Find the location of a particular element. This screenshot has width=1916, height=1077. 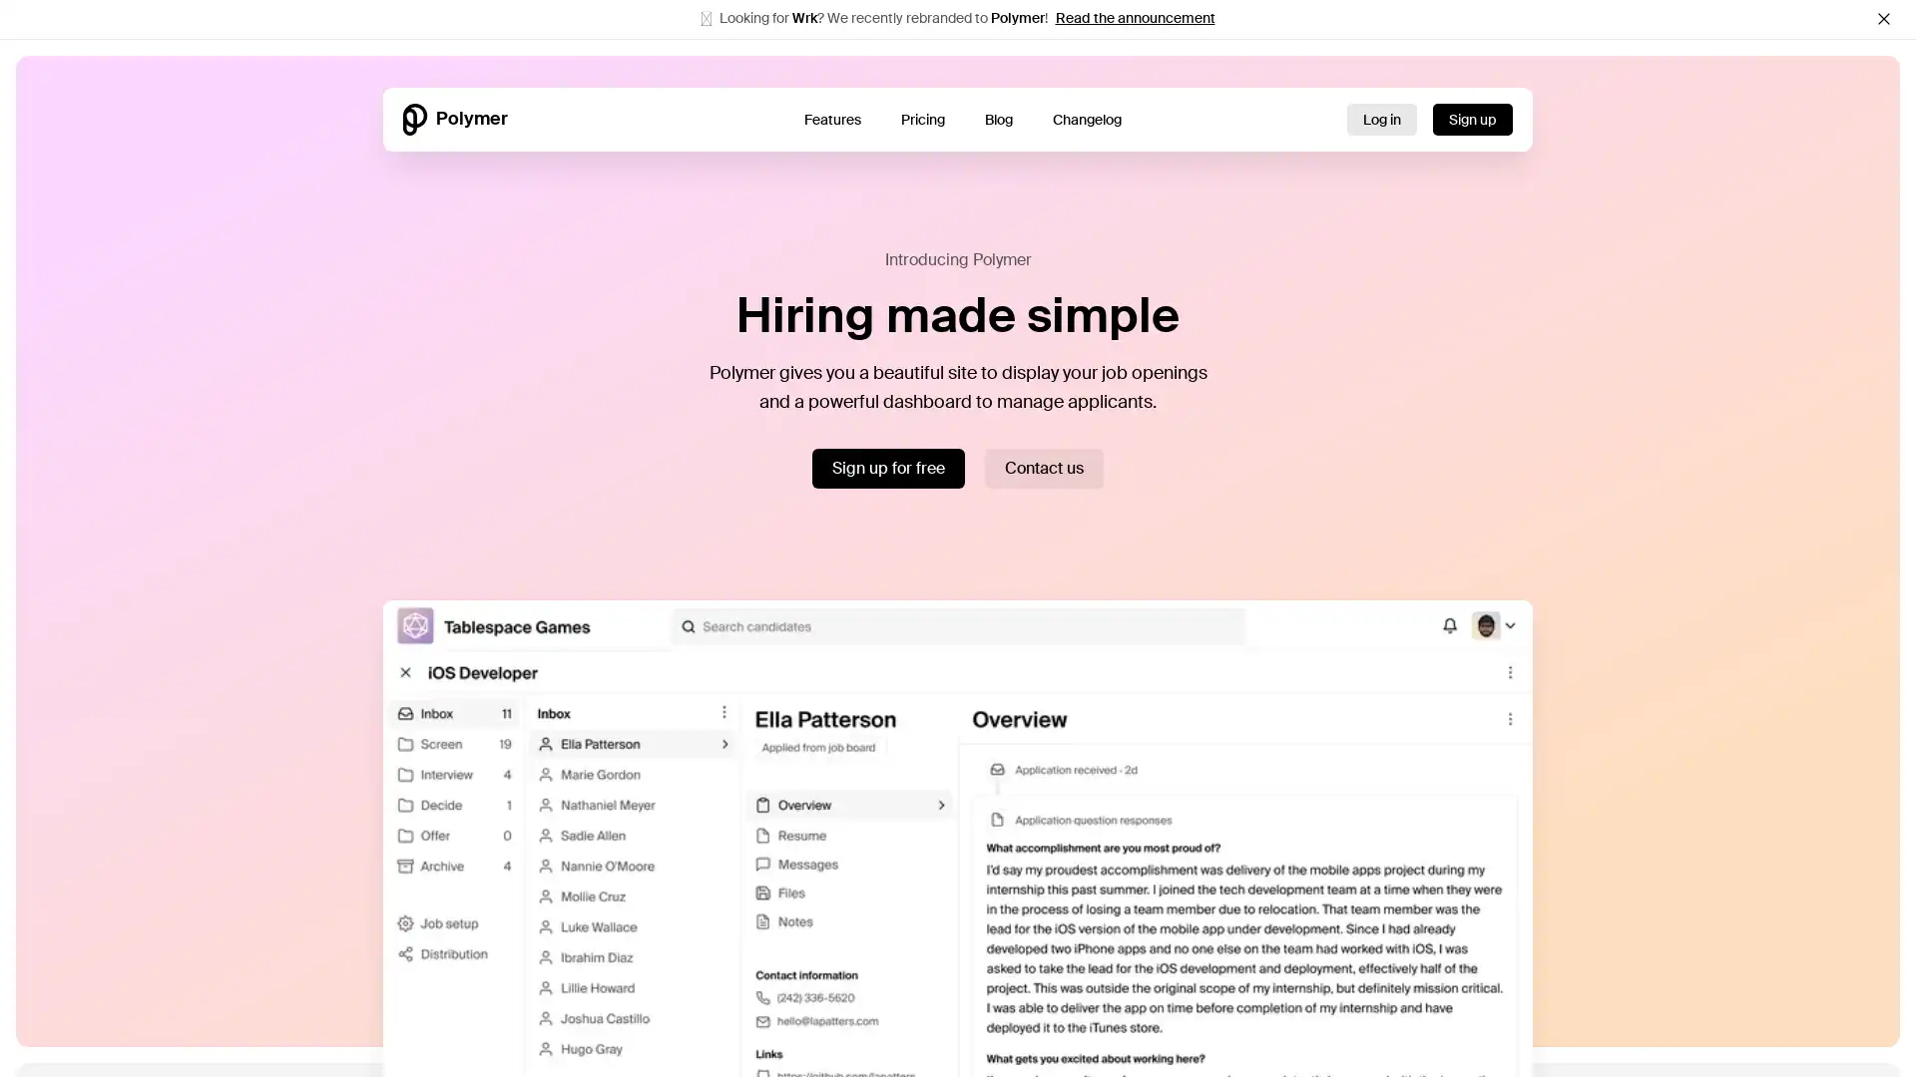

Open Intercom Messenger is located at coordinates (1861, 1023).